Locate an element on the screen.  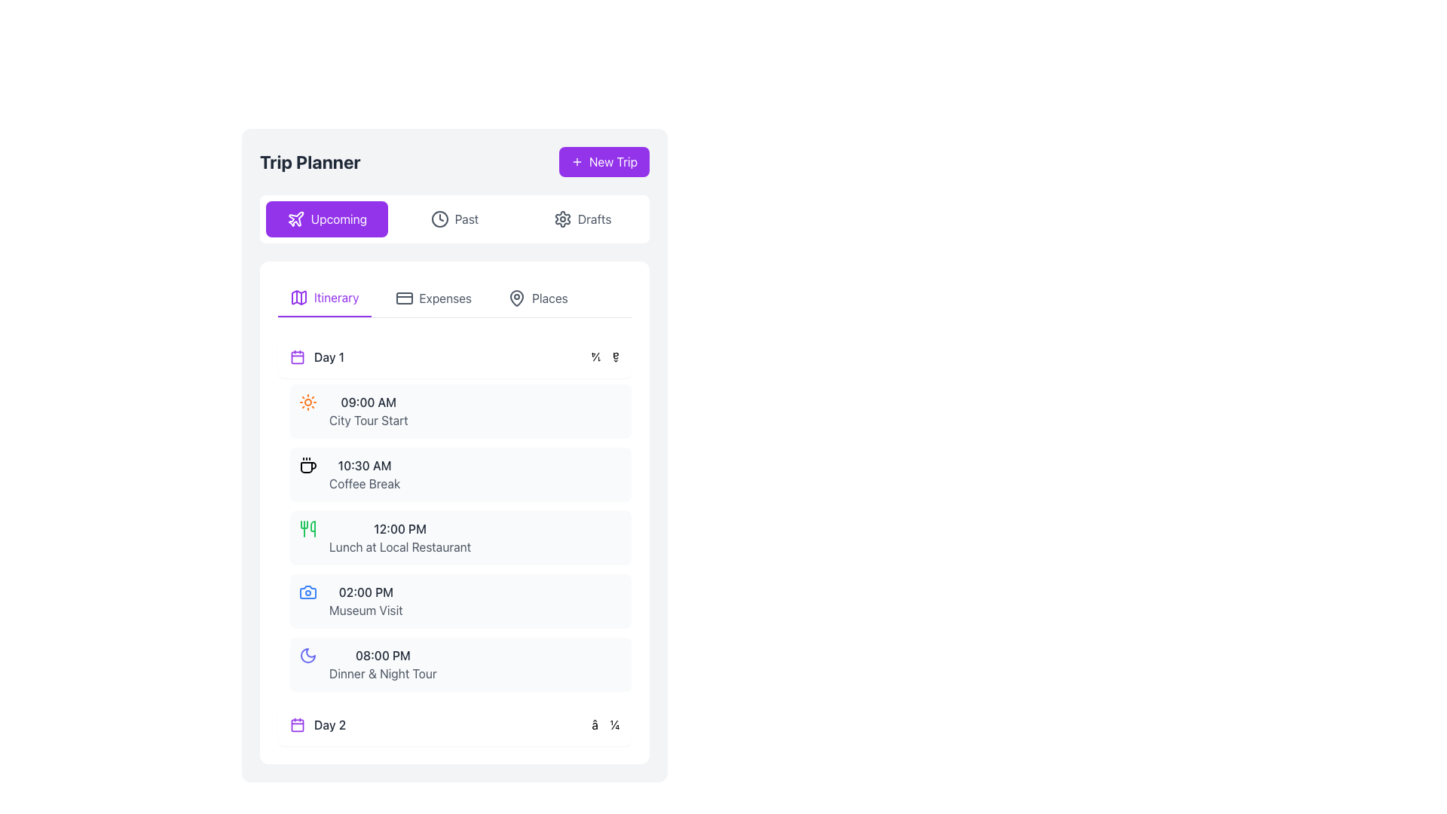
the calendar icon associated with the text 'Day 2', located in the lower portion of the interface, aligned to the left side of the section marked 'Day 2' is located at coordinates (297, 724).